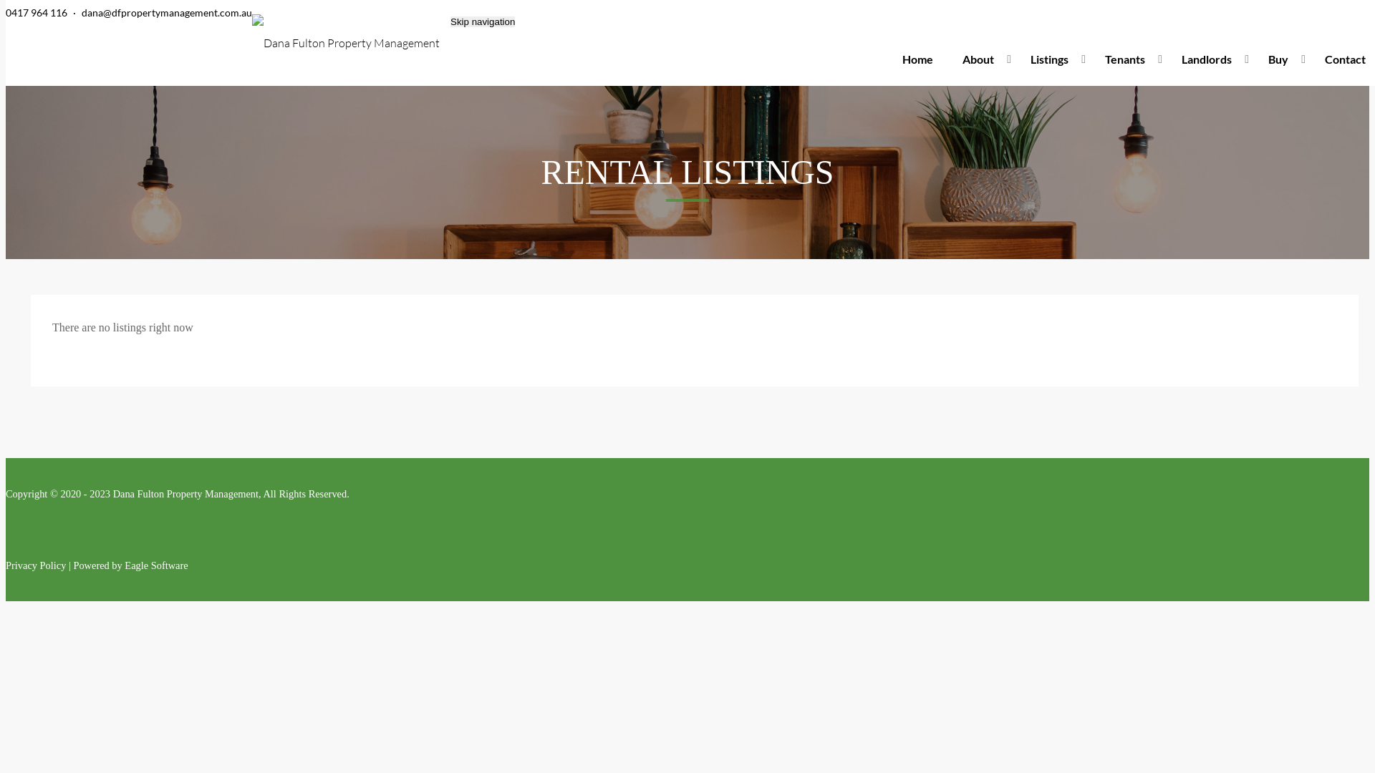  What do you see at coordinates (1053, 59) in the screenshot?
I see `'Listings'` at bounding box center [1053, 59].